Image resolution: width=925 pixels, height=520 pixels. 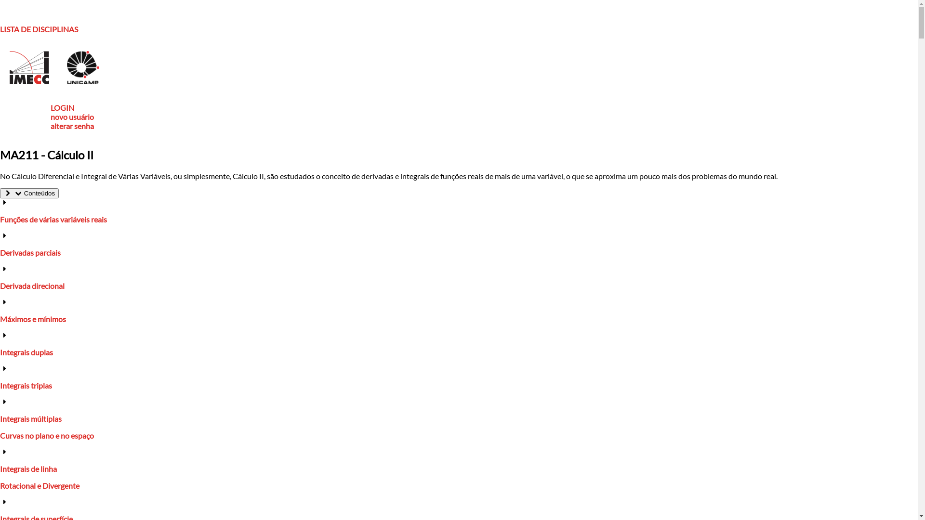 I want to click on 'Integrais de linha', so click(x=28, y=468).